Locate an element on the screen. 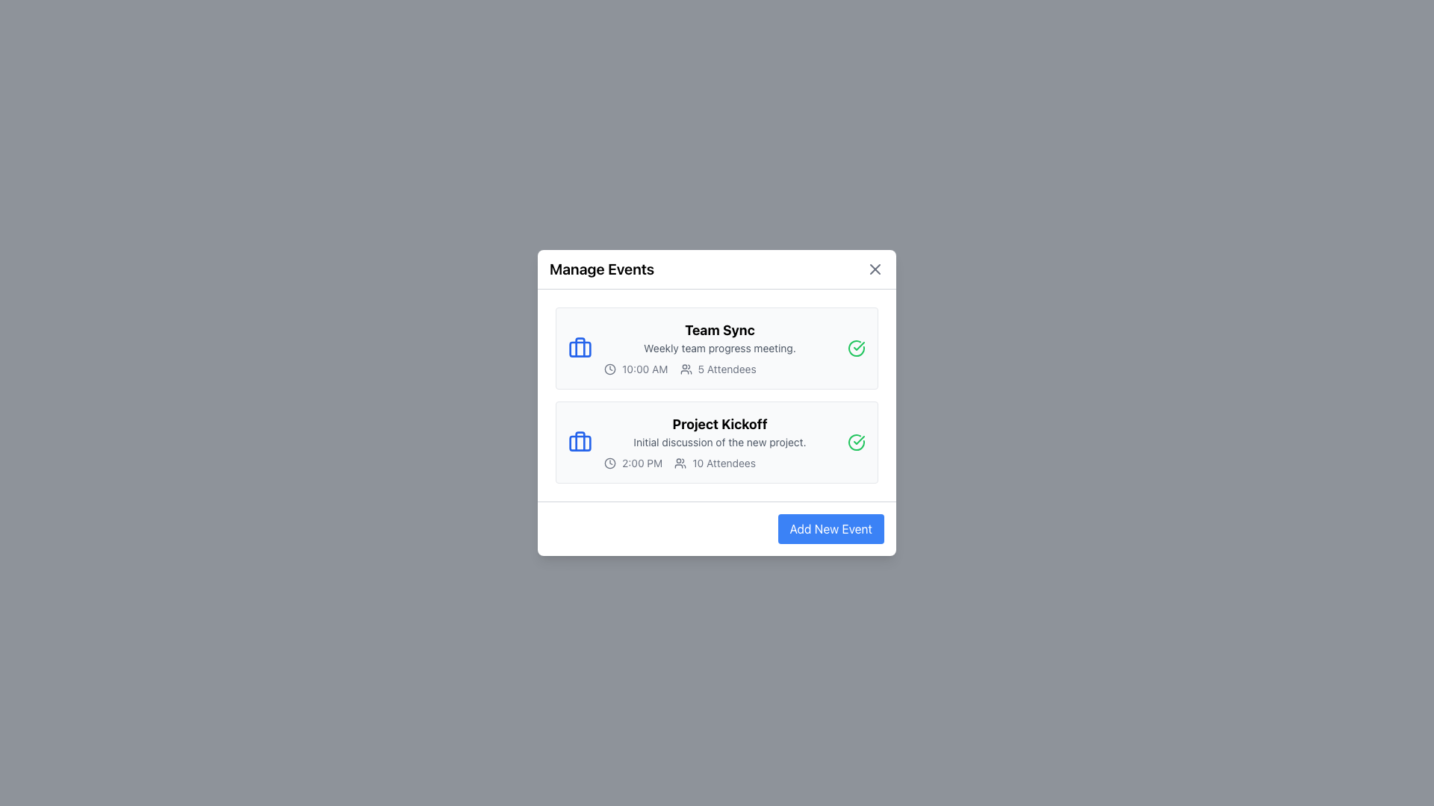 This screenshot has width=1434, height=806. the compact icon resembling a pair of stylized user figures, located to the right of the '2:00 PM' text and followed by '10 Attendees' in the event details section is located at coordinates (680, 463).